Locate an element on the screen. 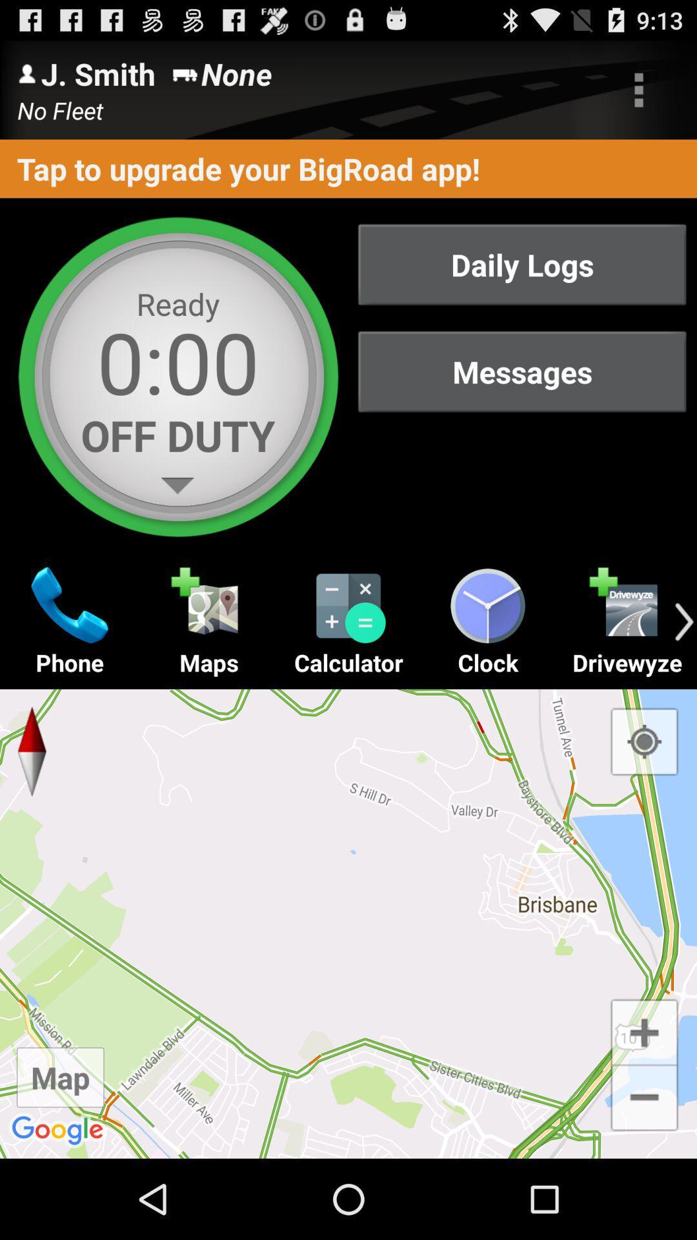 The image size is (697, 1240). zoom out map is located at coordinates (644, 1098).